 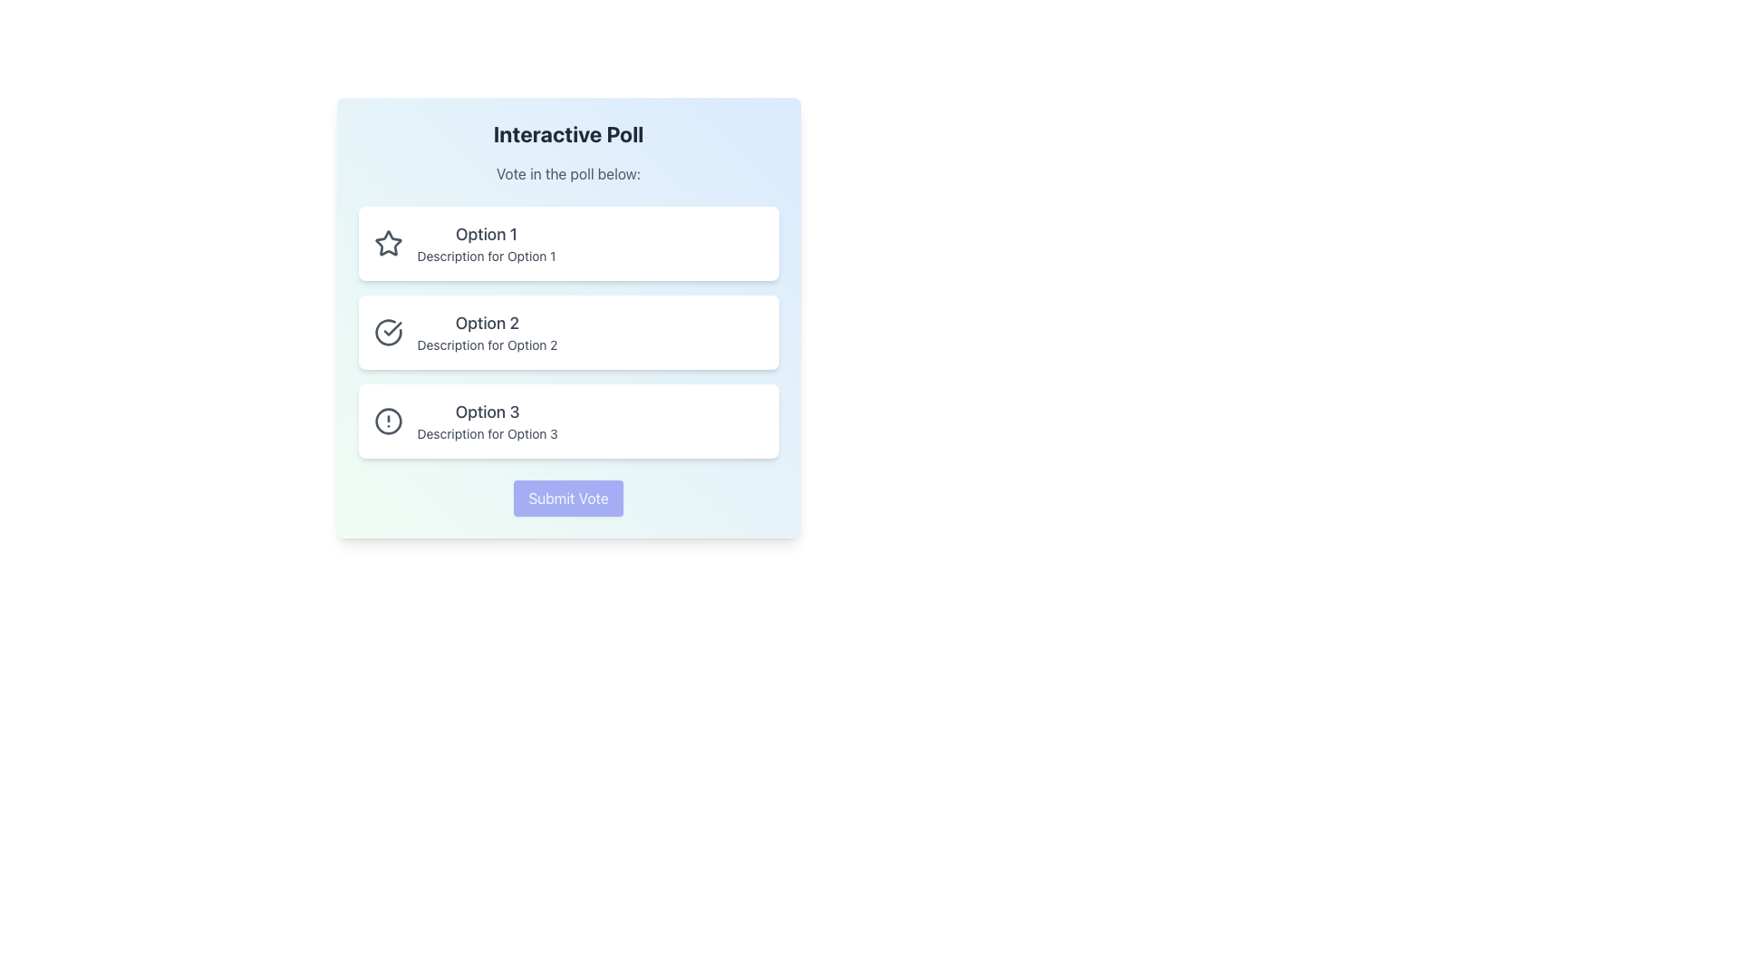 What do you see at coordinates (387, 332) in the screenshot?
I see `the icon that signifies 'Option 2' is selected, located to the left of the text 'Option 2 Description for Option 2' in the second card of the vertically stacked list of options` at bounding box center [387, 332].